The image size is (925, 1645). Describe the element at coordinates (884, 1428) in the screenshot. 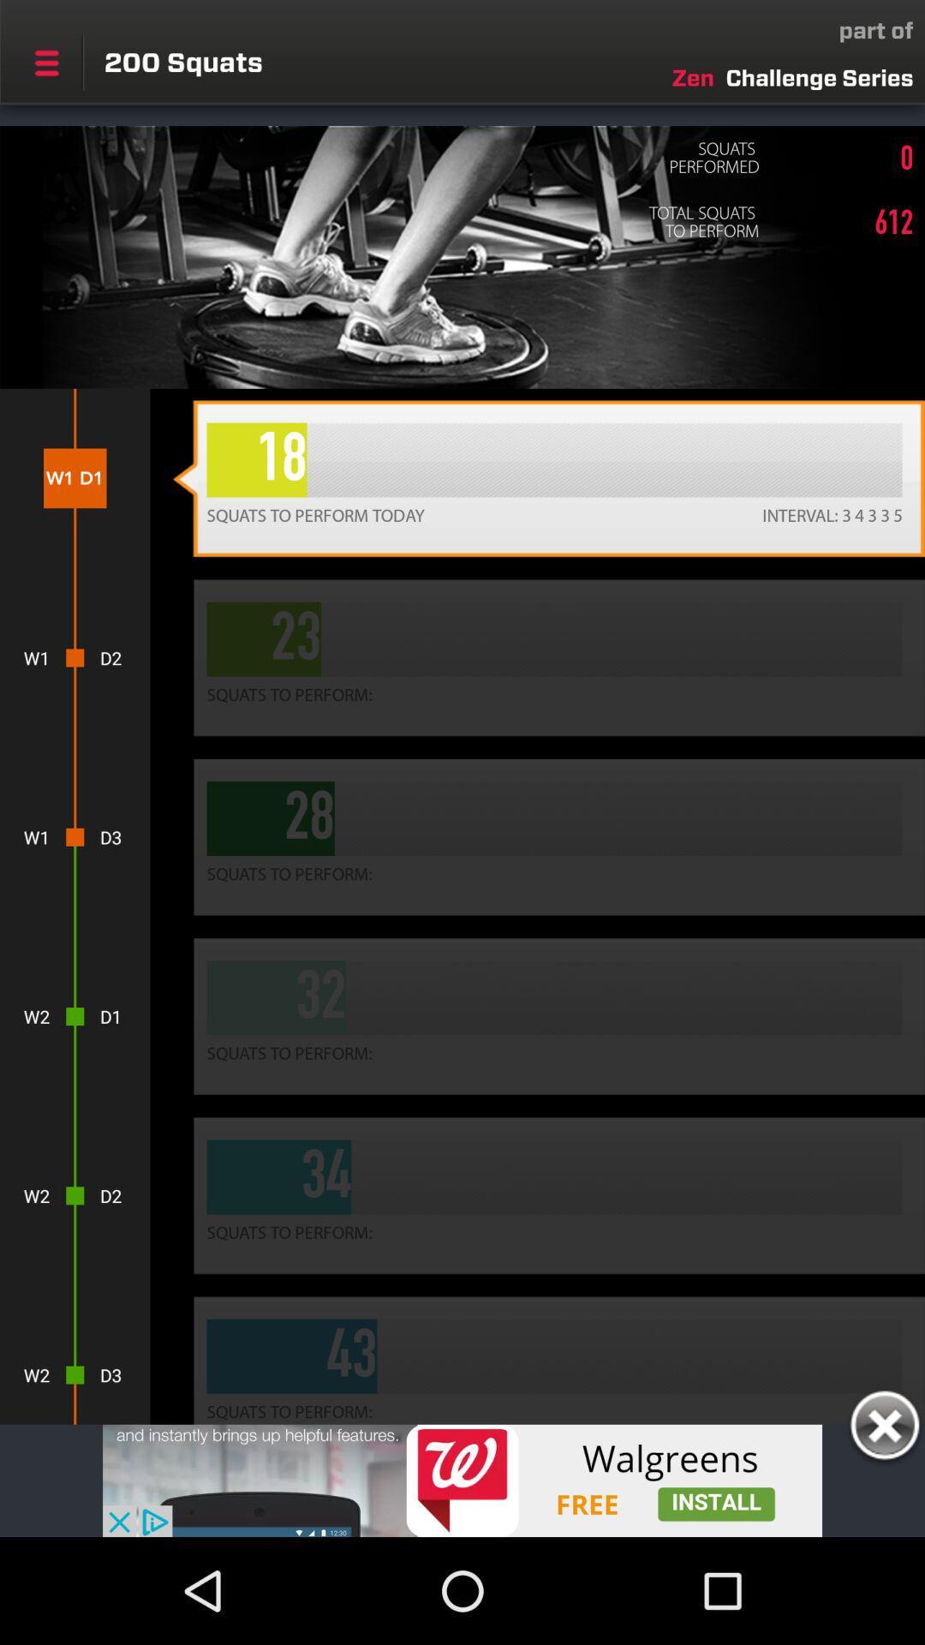

I see `the close icon` at that location.